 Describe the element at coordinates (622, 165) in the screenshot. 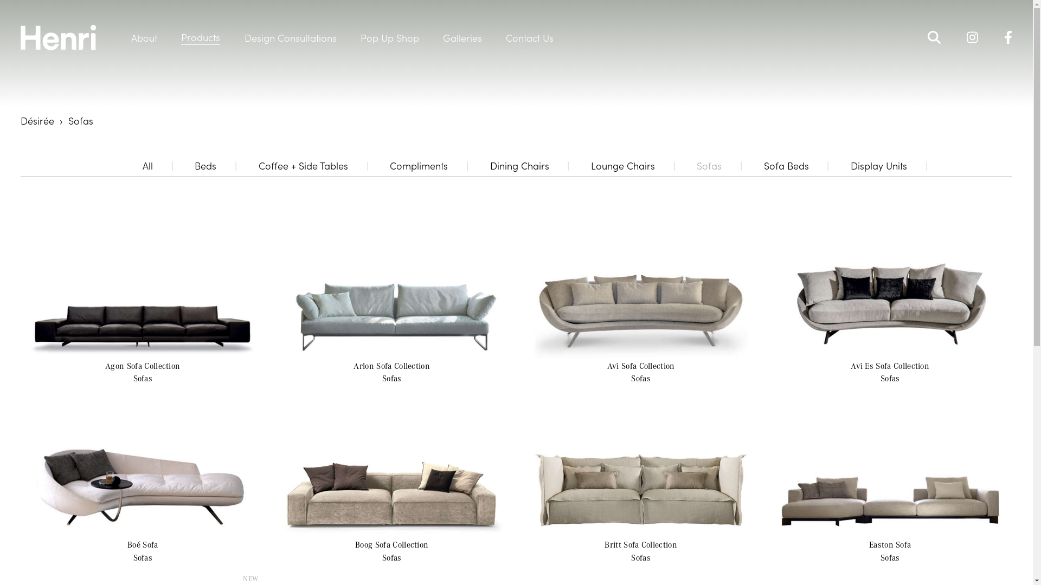

I see `'Lounge Chairs'` at that location.